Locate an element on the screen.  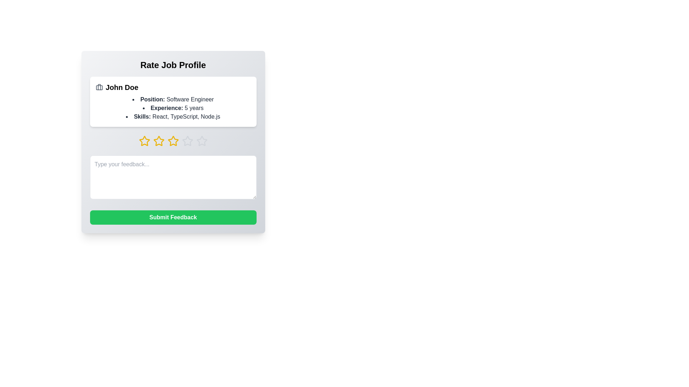
the decorative icon that emphasizes the professional context of the title 'John Doe' located at the top-left part of the card is located at coordinates (99, 87).